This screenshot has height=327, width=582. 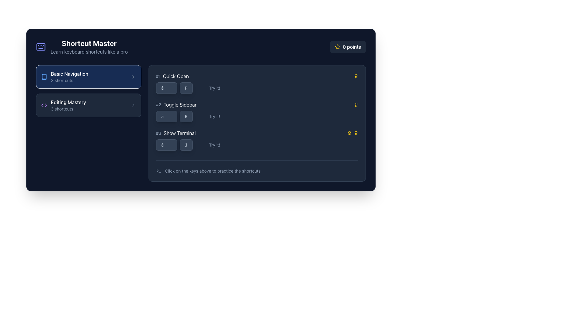 What do you see at coordinates (69, 80) in the screenshot?
I see `the static informational text displaying '3 shortcuts', which is styled in a smaller font size and light gray color against a dark blue background, located directly beneath 'Basic Navigation'` at bounding box center [69, 80].